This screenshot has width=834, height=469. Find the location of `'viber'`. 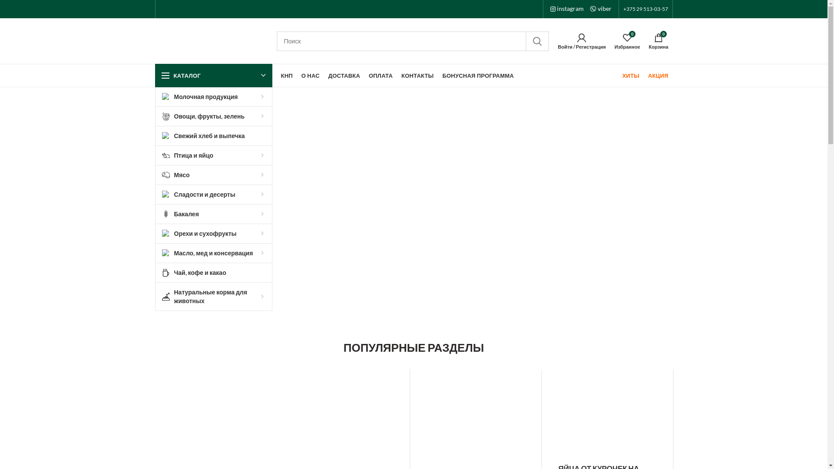

'viber' is located at coordinates (600, 8).